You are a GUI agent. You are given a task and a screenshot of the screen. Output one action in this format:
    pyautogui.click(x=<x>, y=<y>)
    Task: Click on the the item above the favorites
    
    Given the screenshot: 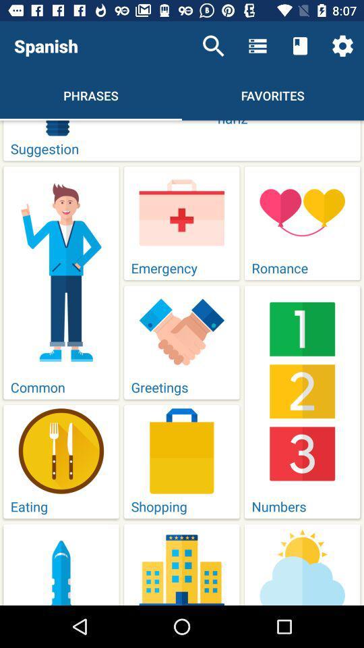 What is the action you would take?
    pyautogui.click(x=257, y=46)
    